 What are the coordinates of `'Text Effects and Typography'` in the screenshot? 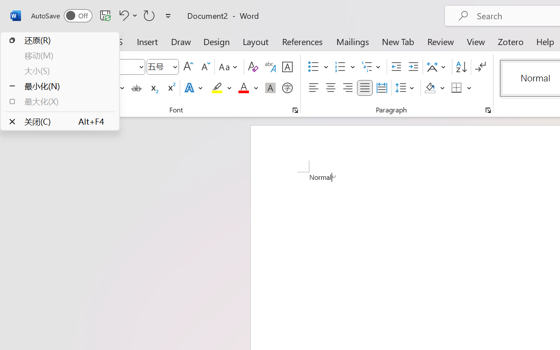 It's located at (194, 88).